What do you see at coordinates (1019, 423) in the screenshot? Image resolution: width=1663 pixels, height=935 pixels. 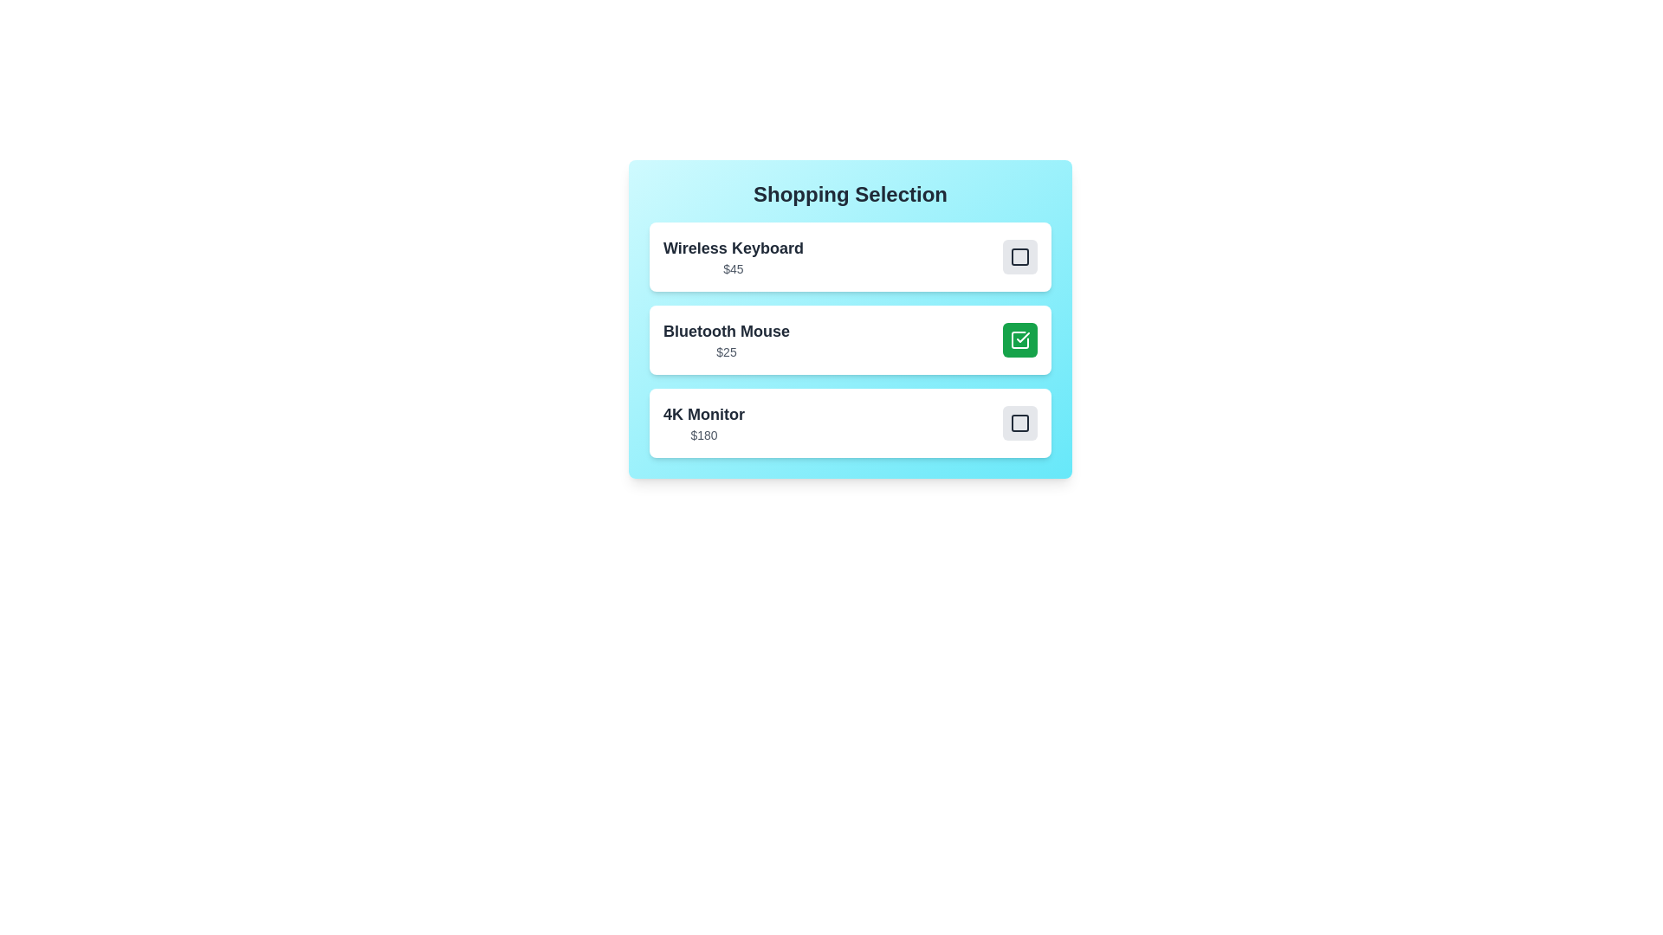 I see `the checkbox in the bottom right corner of the '4K Monitor' entry` at bounding box center [1019, 423].